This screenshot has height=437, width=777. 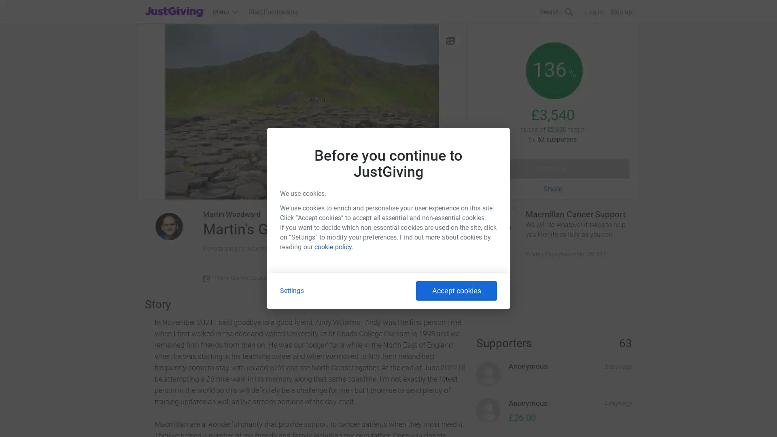 What do you see at coordinates (450, 40) in the screenshot?
I see `Open the Image Gallery` at bounding box center [450, 40].